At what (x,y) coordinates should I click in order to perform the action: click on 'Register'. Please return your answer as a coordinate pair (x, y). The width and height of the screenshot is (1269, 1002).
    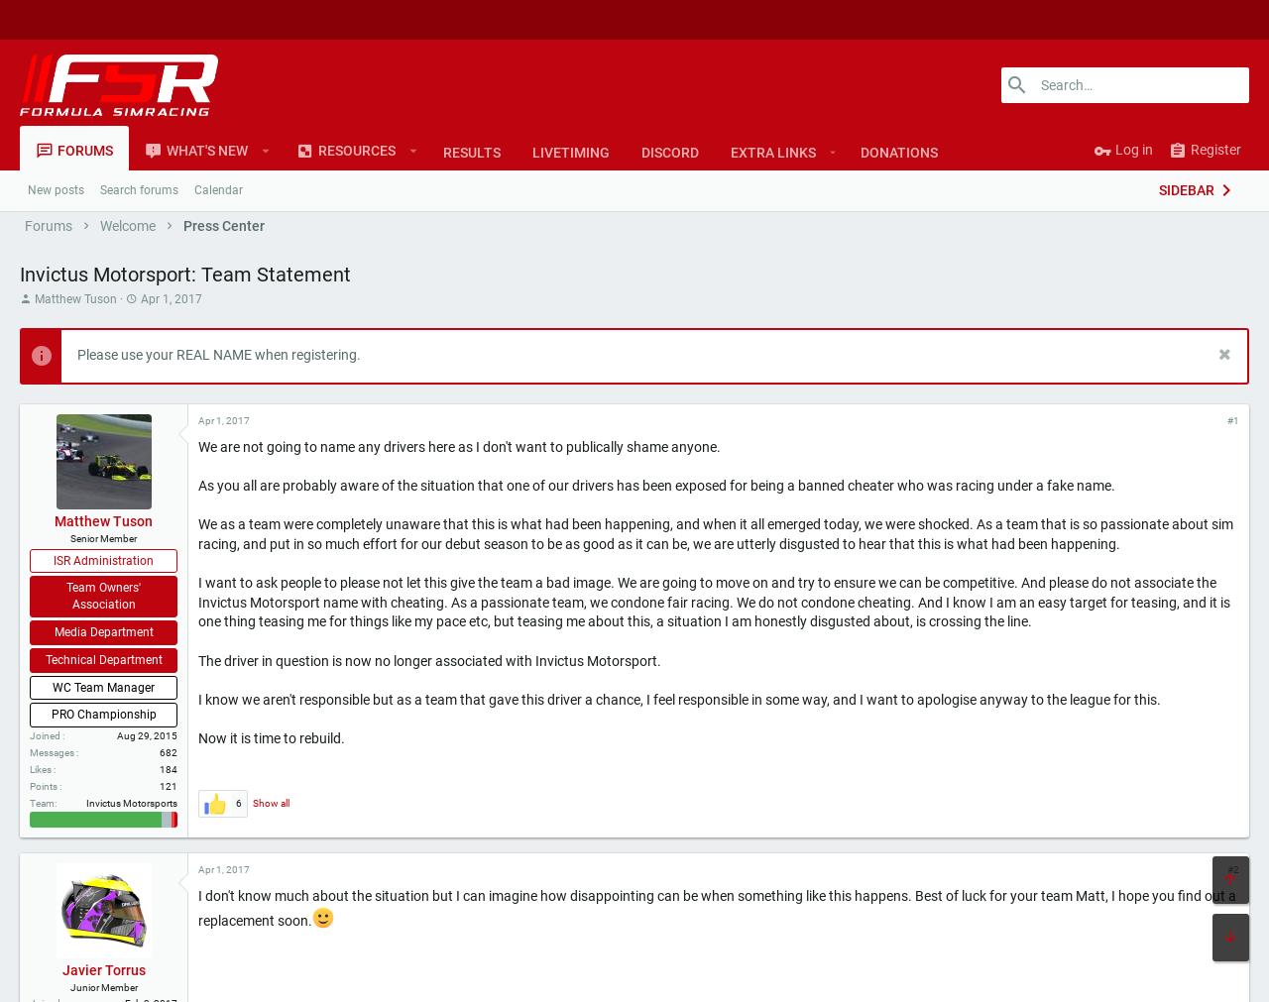
    Looking at the image, I should click on (1214, 149).